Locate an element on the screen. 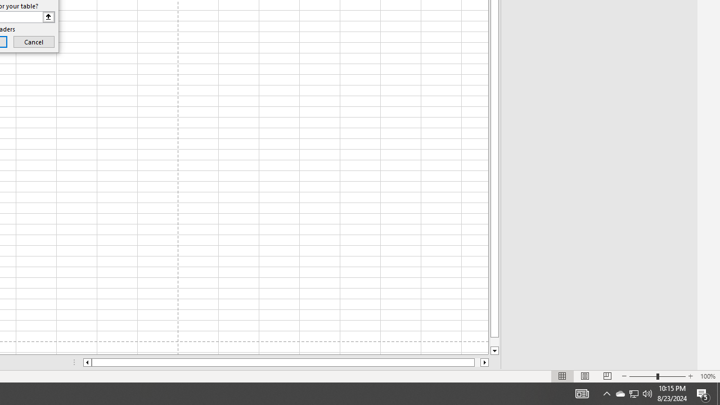 The height and width of the screenshot is (405, 720). 'Page down' is located at coordinates (494, 341).